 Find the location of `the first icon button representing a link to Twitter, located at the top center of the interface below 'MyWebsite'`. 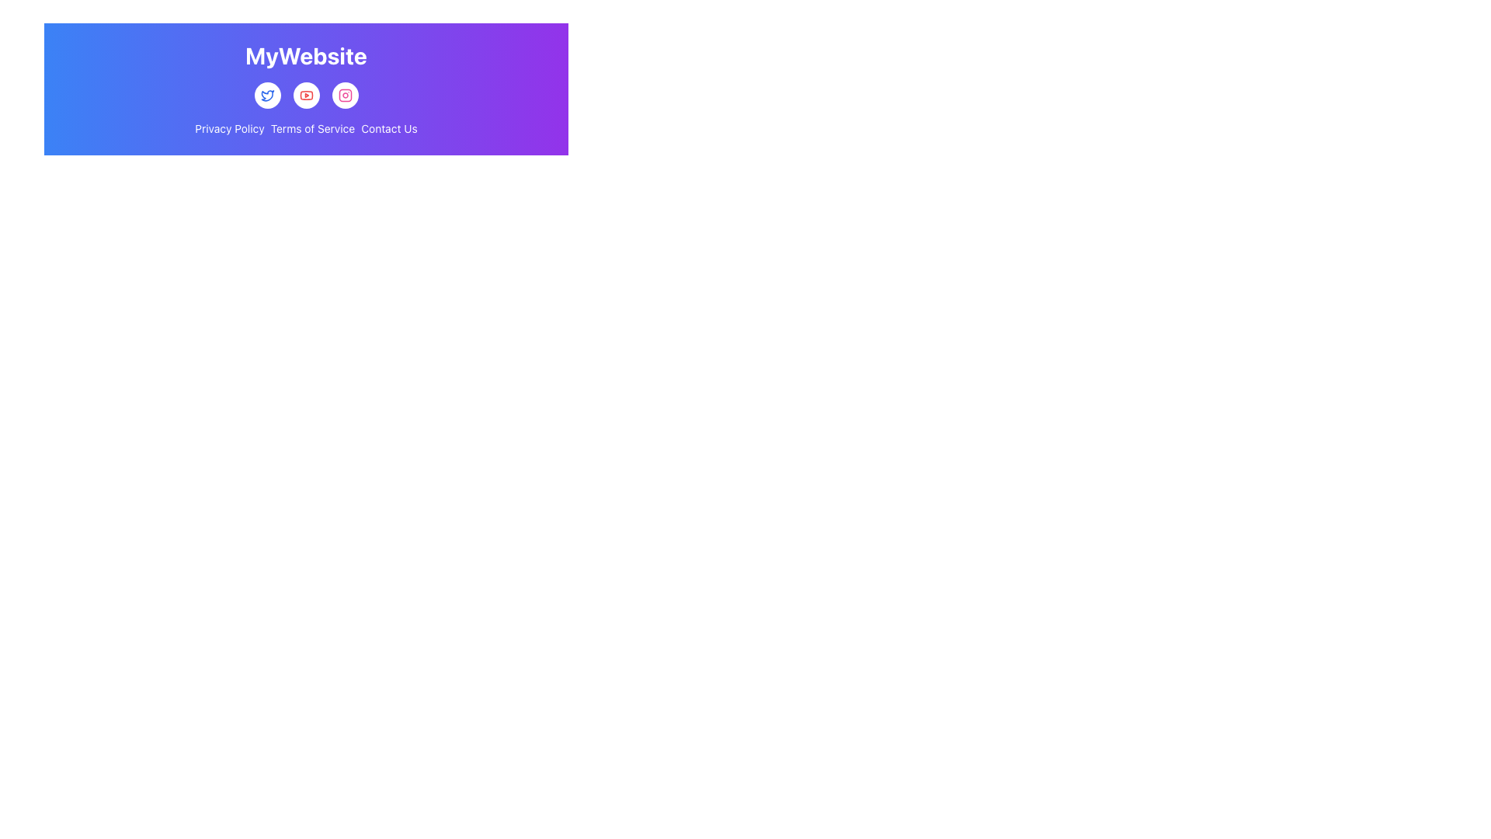

the first icon button representing a link to Twitter, located at the top center of the interface below 'MyWebsite' is located at coordinates (267, 96).